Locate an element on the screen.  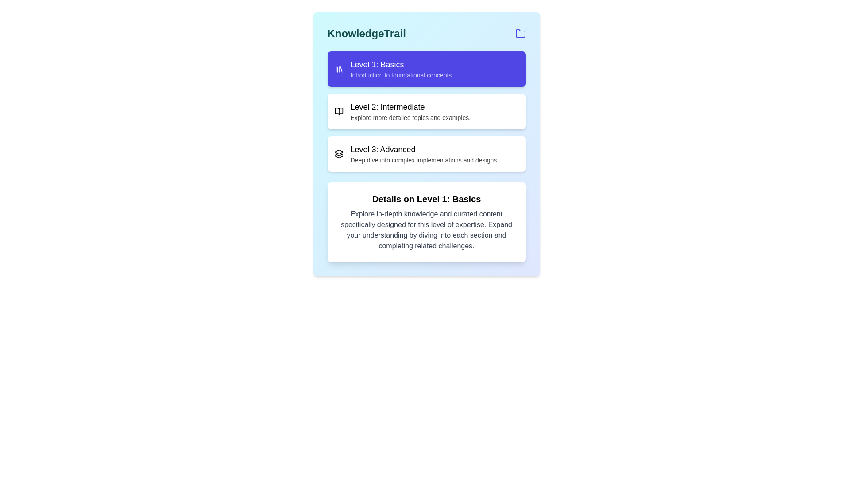
the open book icon located next to the 'Level 2: Intermediate' textual description is located at coordinates (338, 111).